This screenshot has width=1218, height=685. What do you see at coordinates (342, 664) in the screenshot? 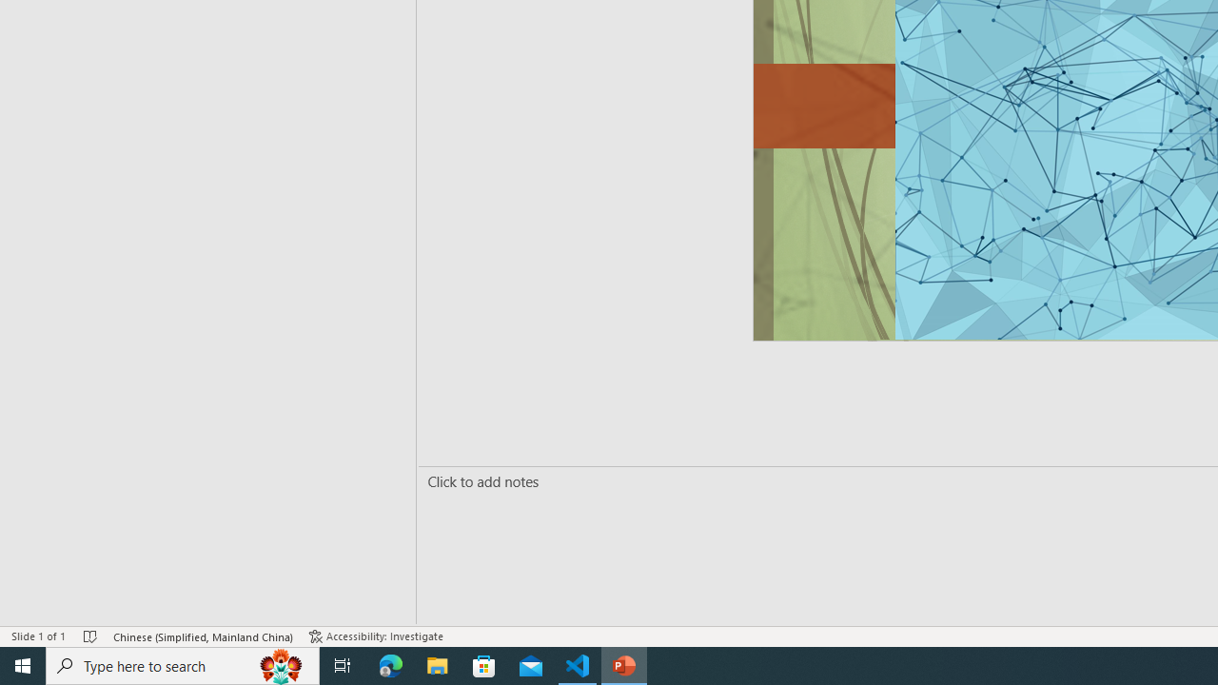
I see `'Task View'` at bounding box center [342, 664].